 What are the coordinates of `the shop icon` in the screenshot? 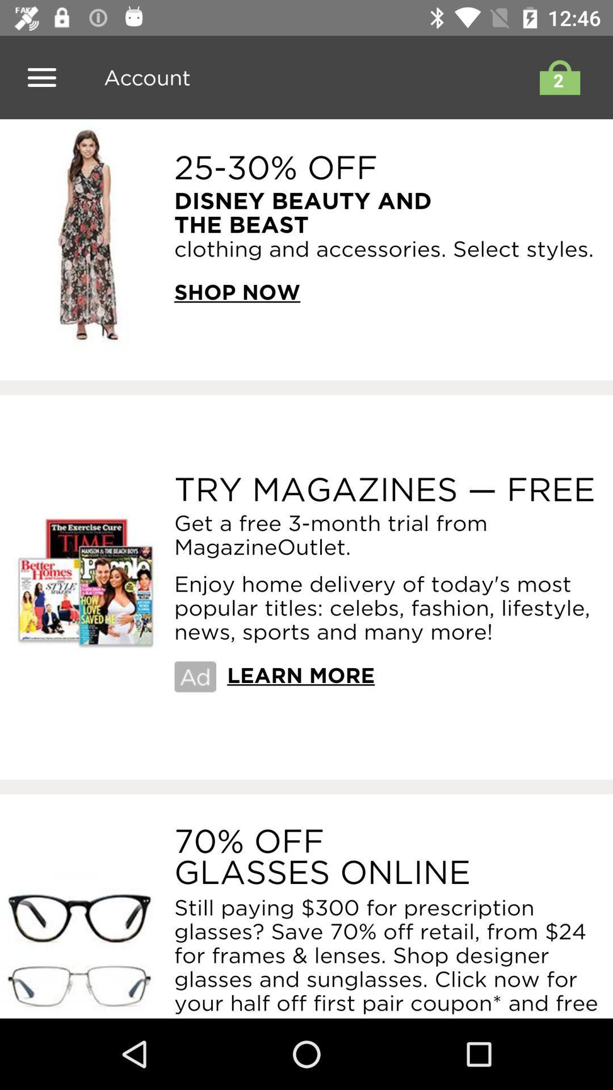 It's located at (556, 77).